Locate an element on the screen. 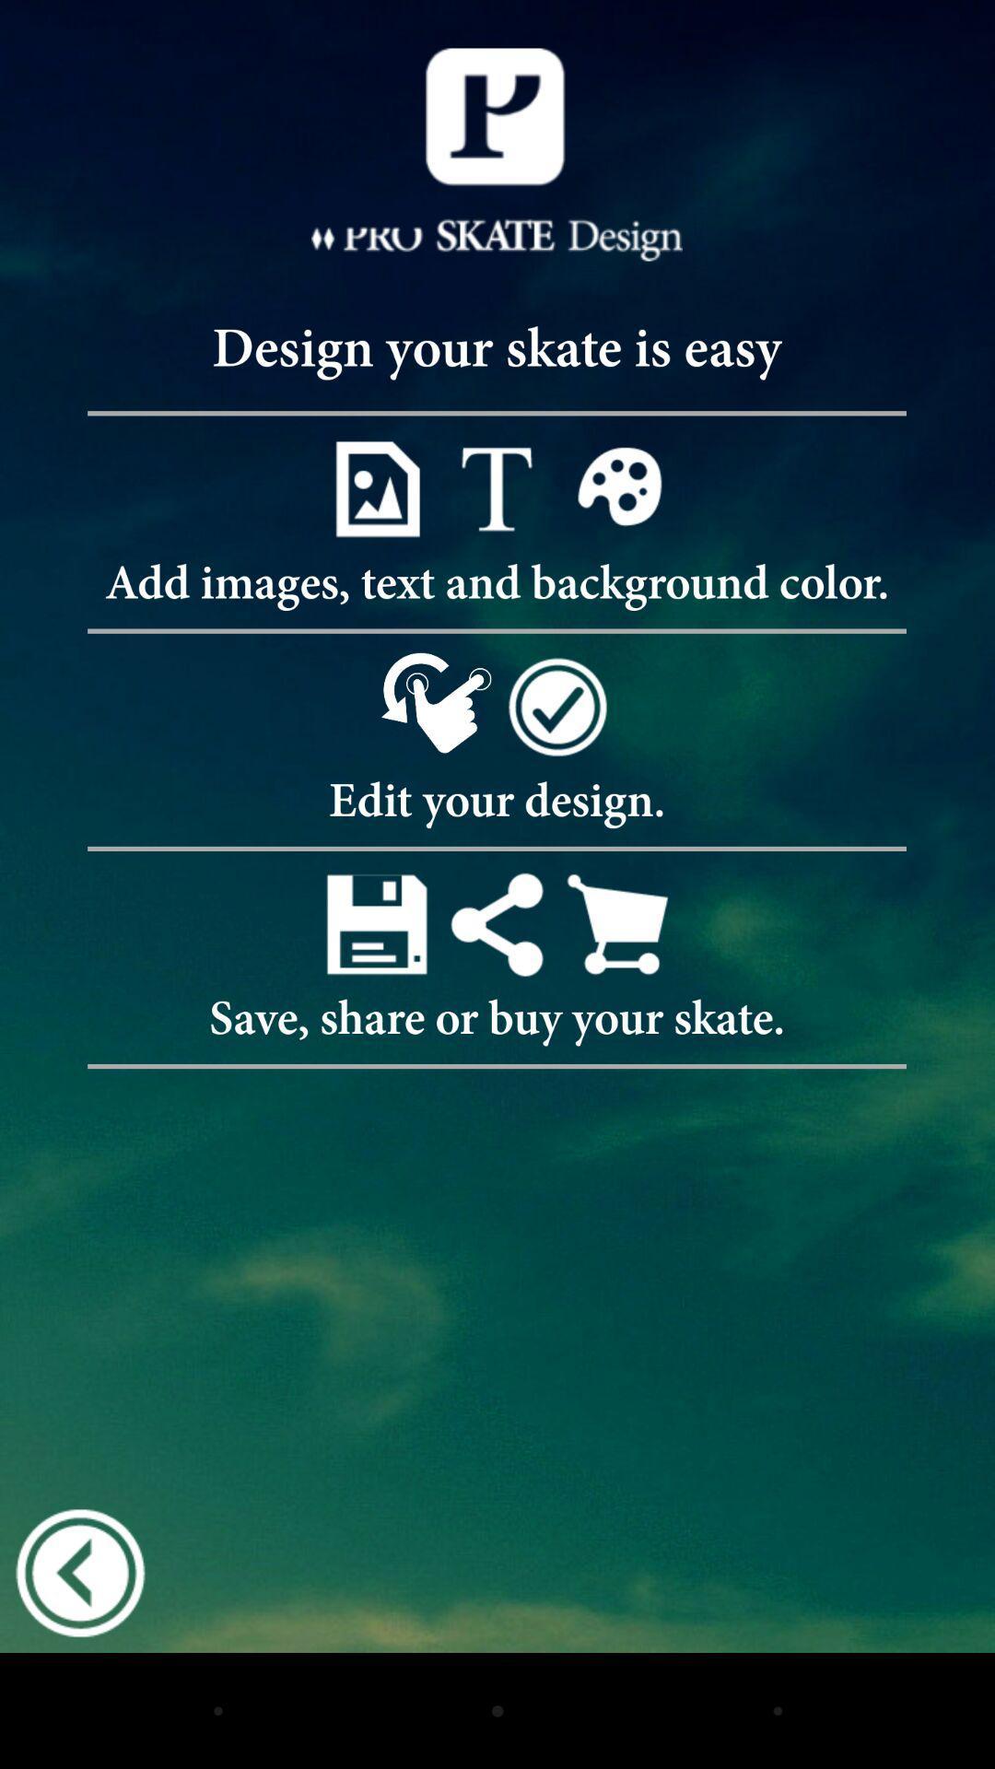  image is located at coordinates (375, 488).